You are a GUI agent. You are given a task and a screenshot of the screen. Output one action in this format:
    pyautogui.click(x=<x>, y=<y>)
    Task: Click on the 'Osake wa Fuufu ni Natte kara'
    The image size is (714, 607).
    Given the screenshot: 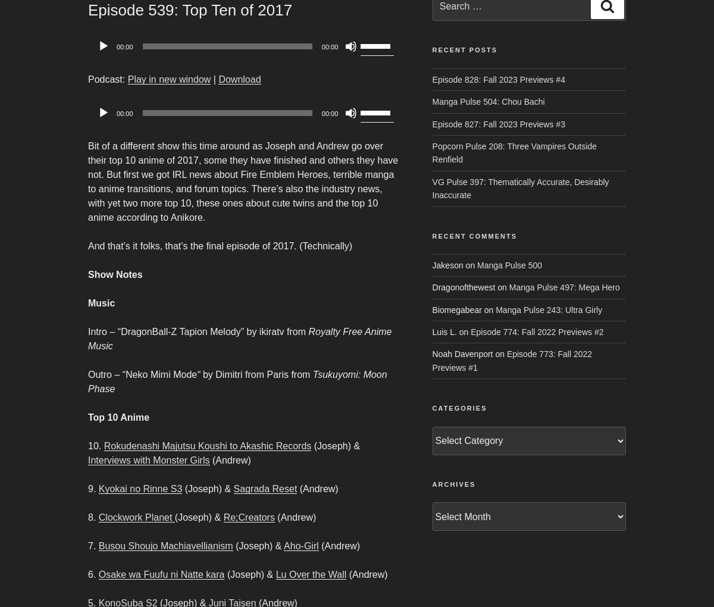 What is the action you would take?
    pyautogui.click(x=98, y=574)
    